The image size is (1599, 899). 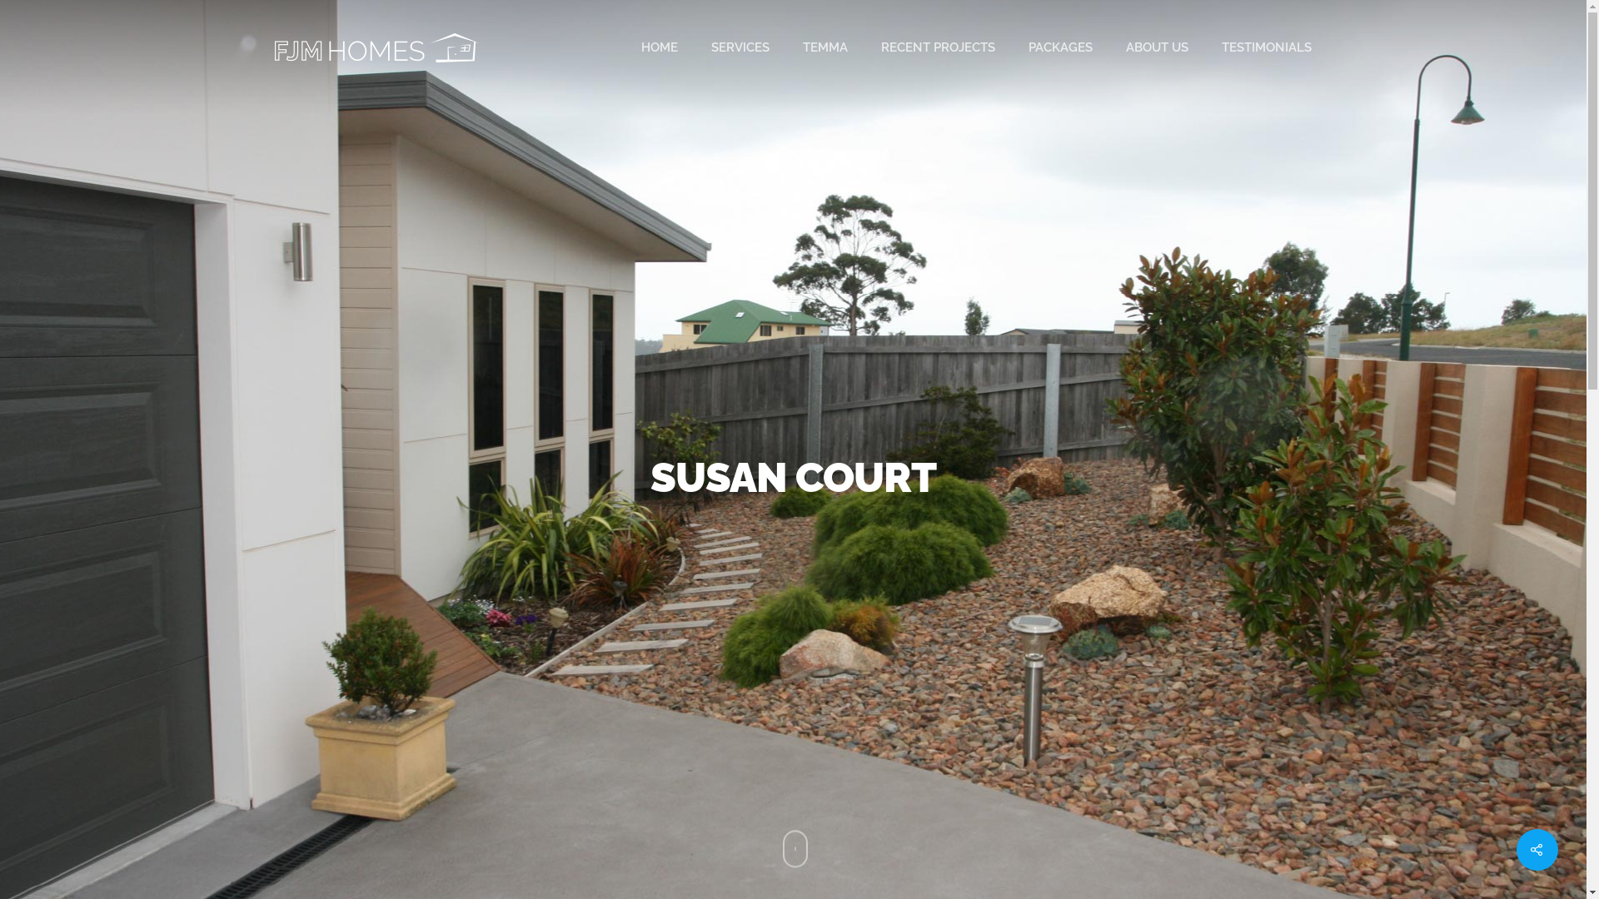 I want to click on 'HOME', so click(x=659, y=47).